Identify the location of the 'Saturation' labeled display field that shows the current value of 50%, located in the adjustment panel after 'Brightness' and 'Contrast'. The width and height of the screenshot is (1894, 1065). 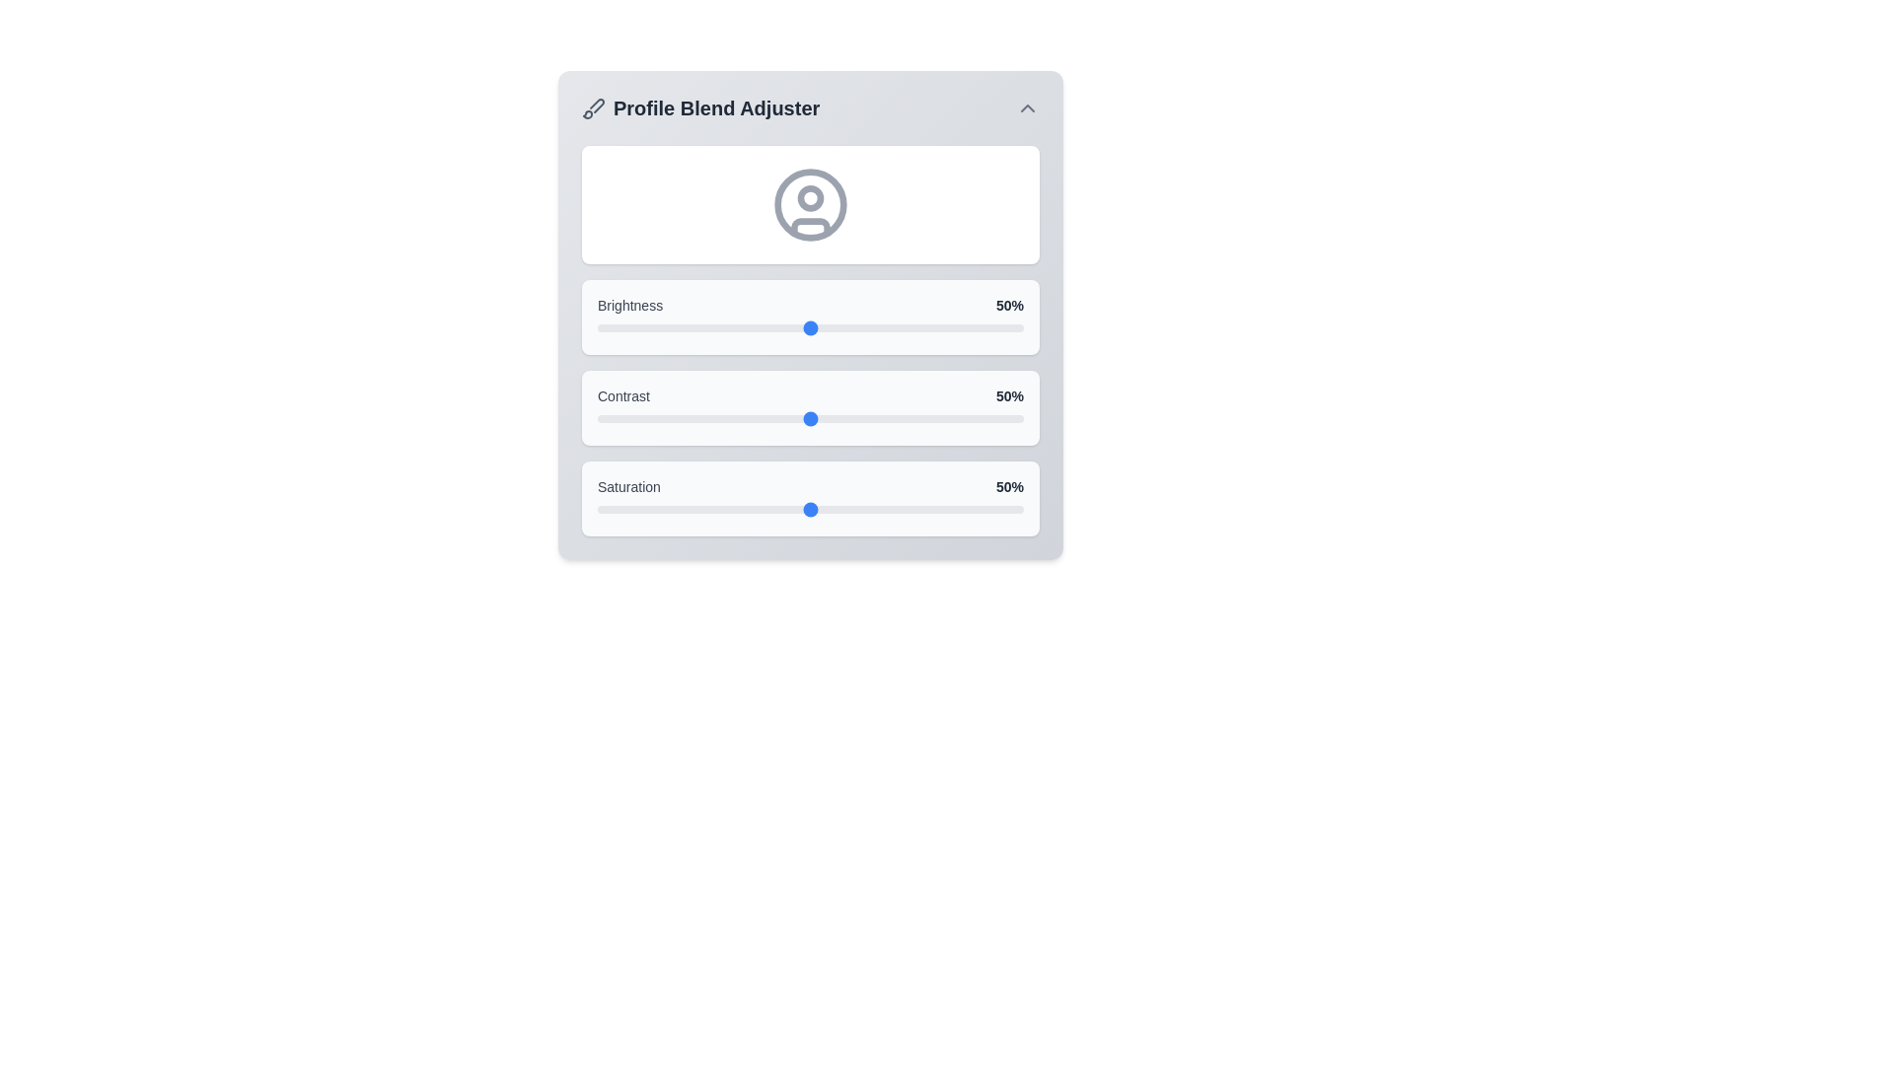
(810, 486).